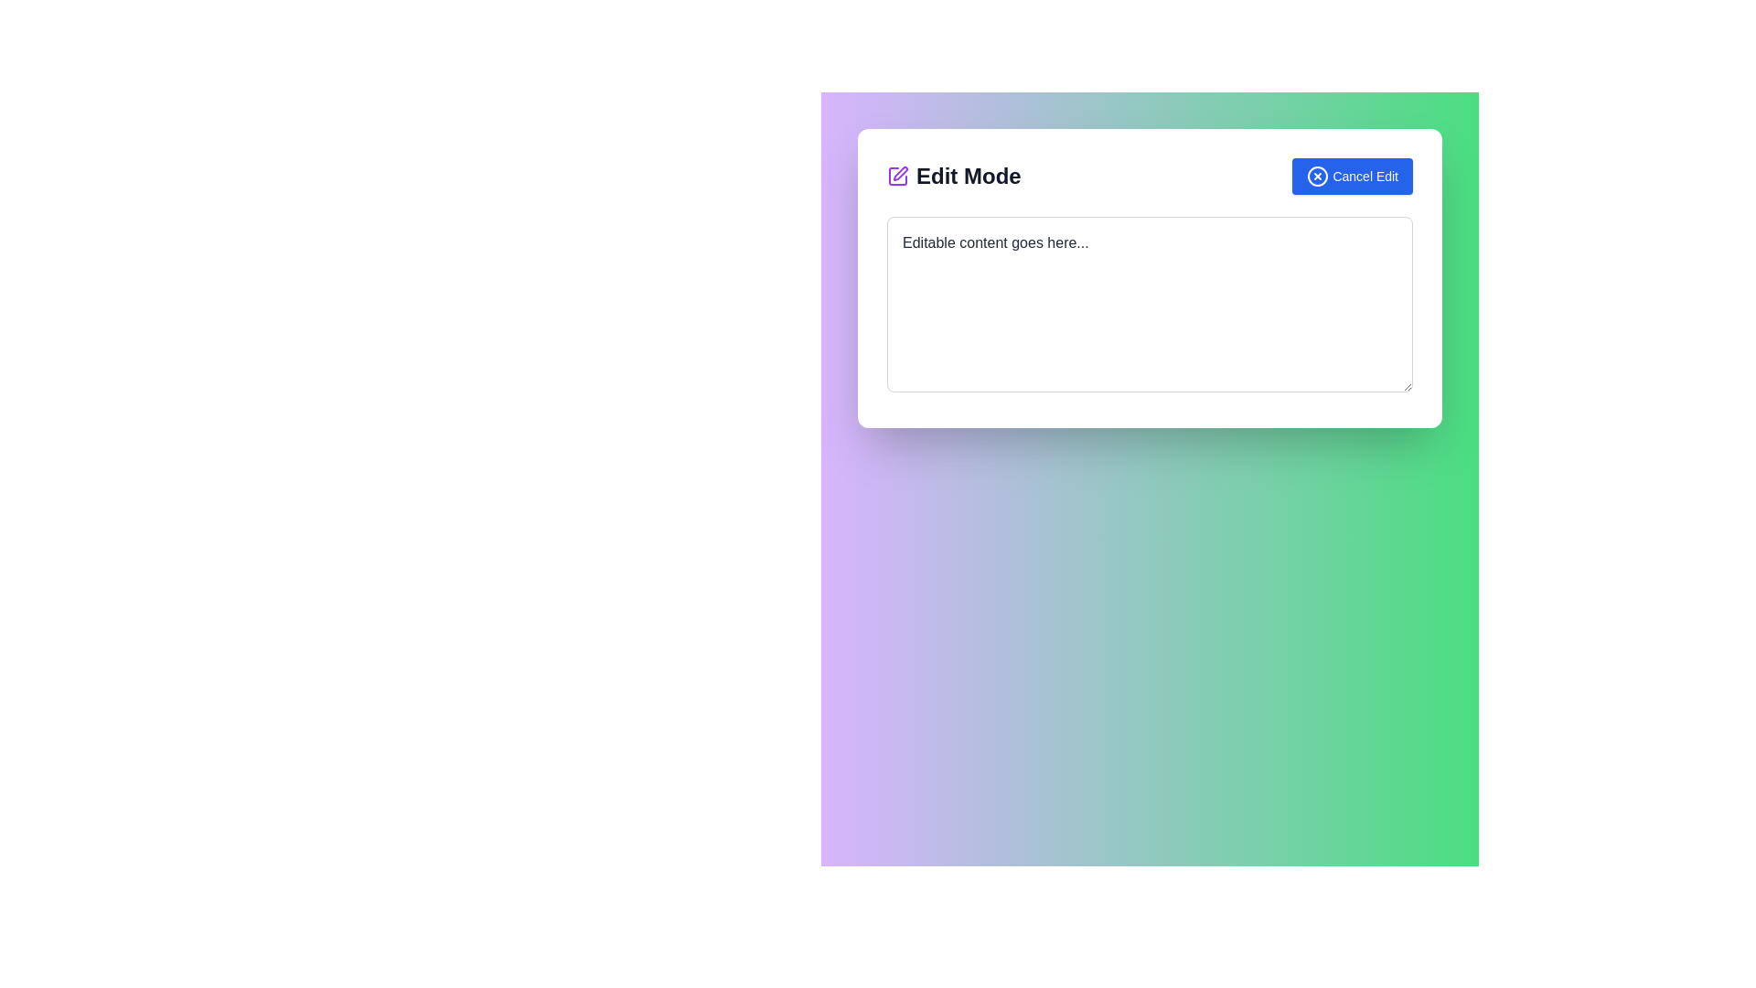 Image resolution: width=1756 pixels, height=988 pixels. What do you see at coordinates (1353, 176) in the screenshot?
I see `the blue 'Cancel Edit' button with white text and an 'X' icon` at bounding box center [1353, 176].